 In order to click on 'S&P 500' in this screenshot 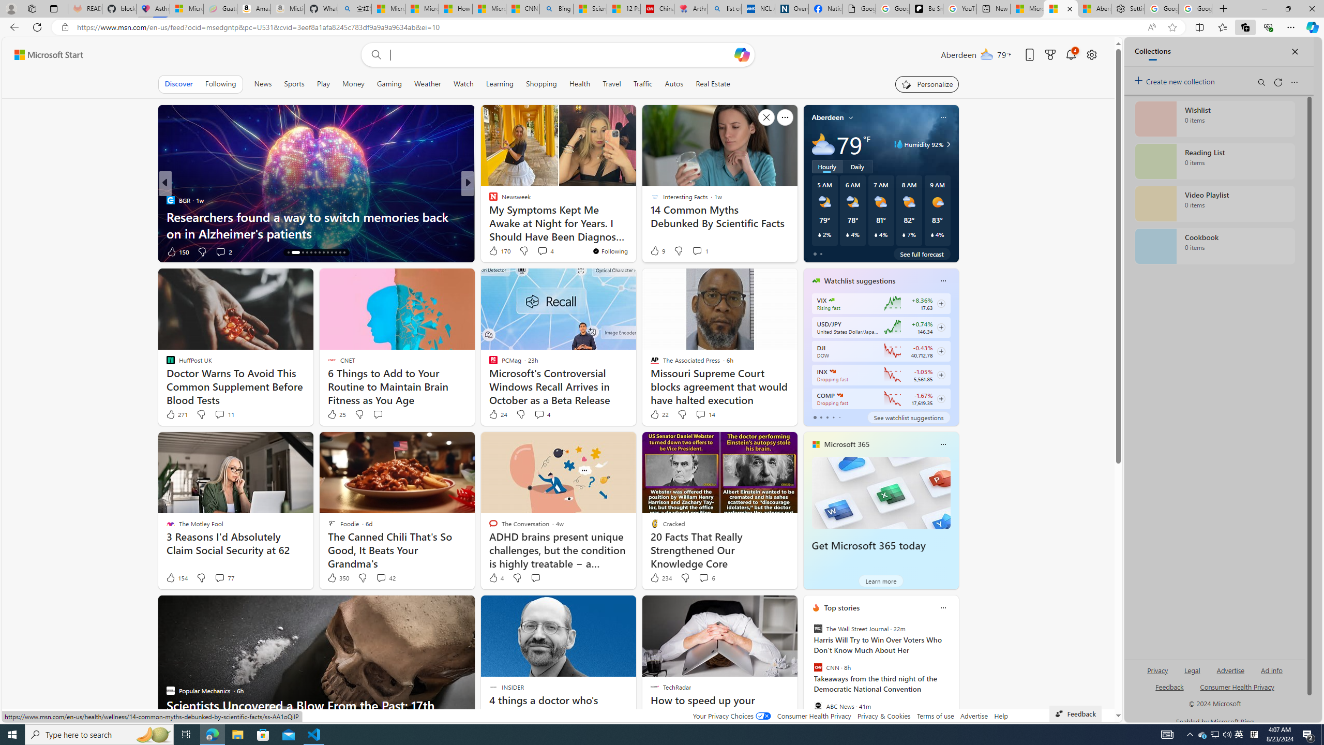, I will do `click(831, 370)`.